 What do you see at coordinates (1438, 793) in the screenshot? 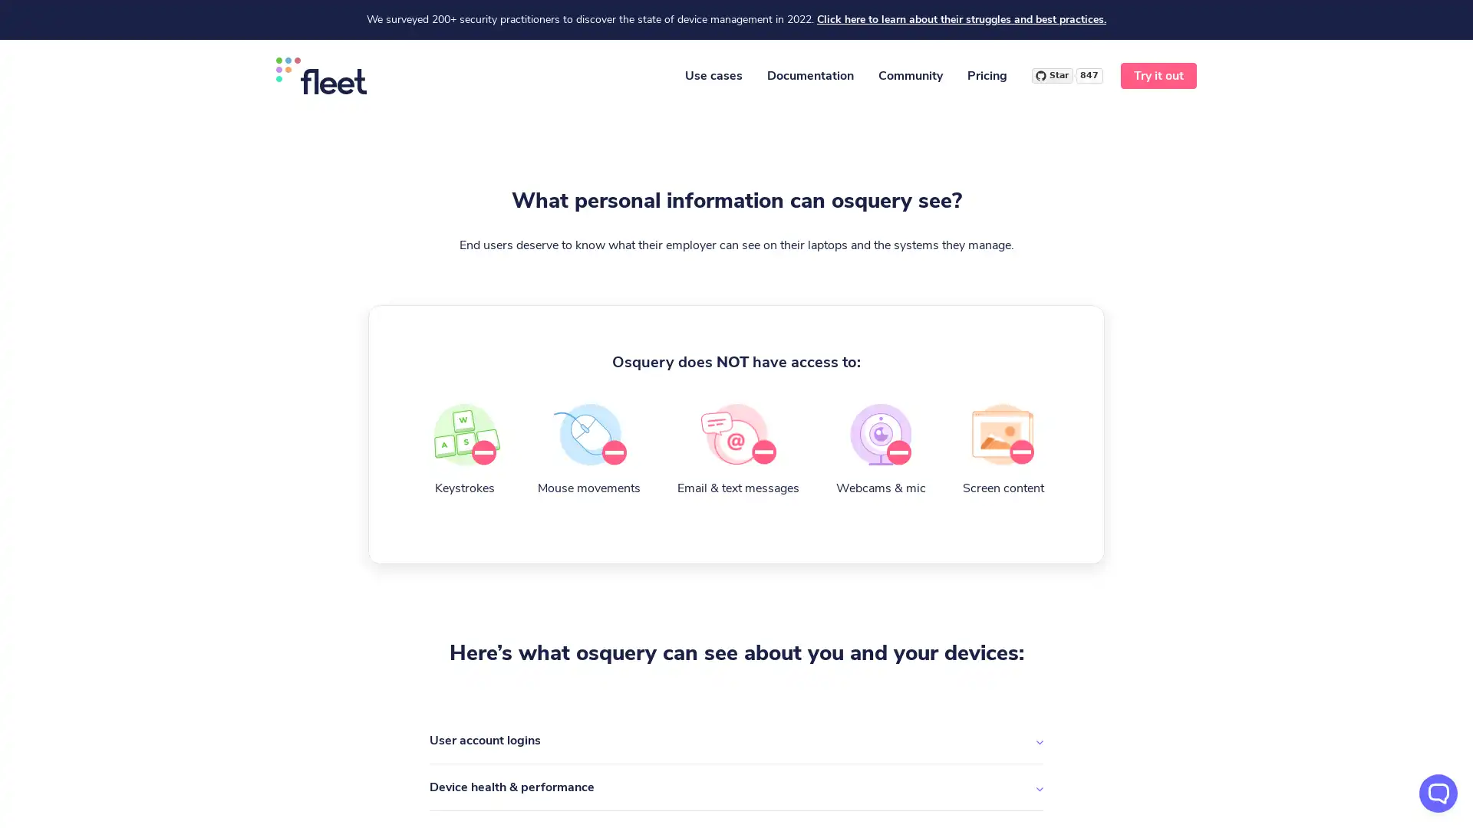
I see `Open chat widget` at bounding box center [1438, 793].